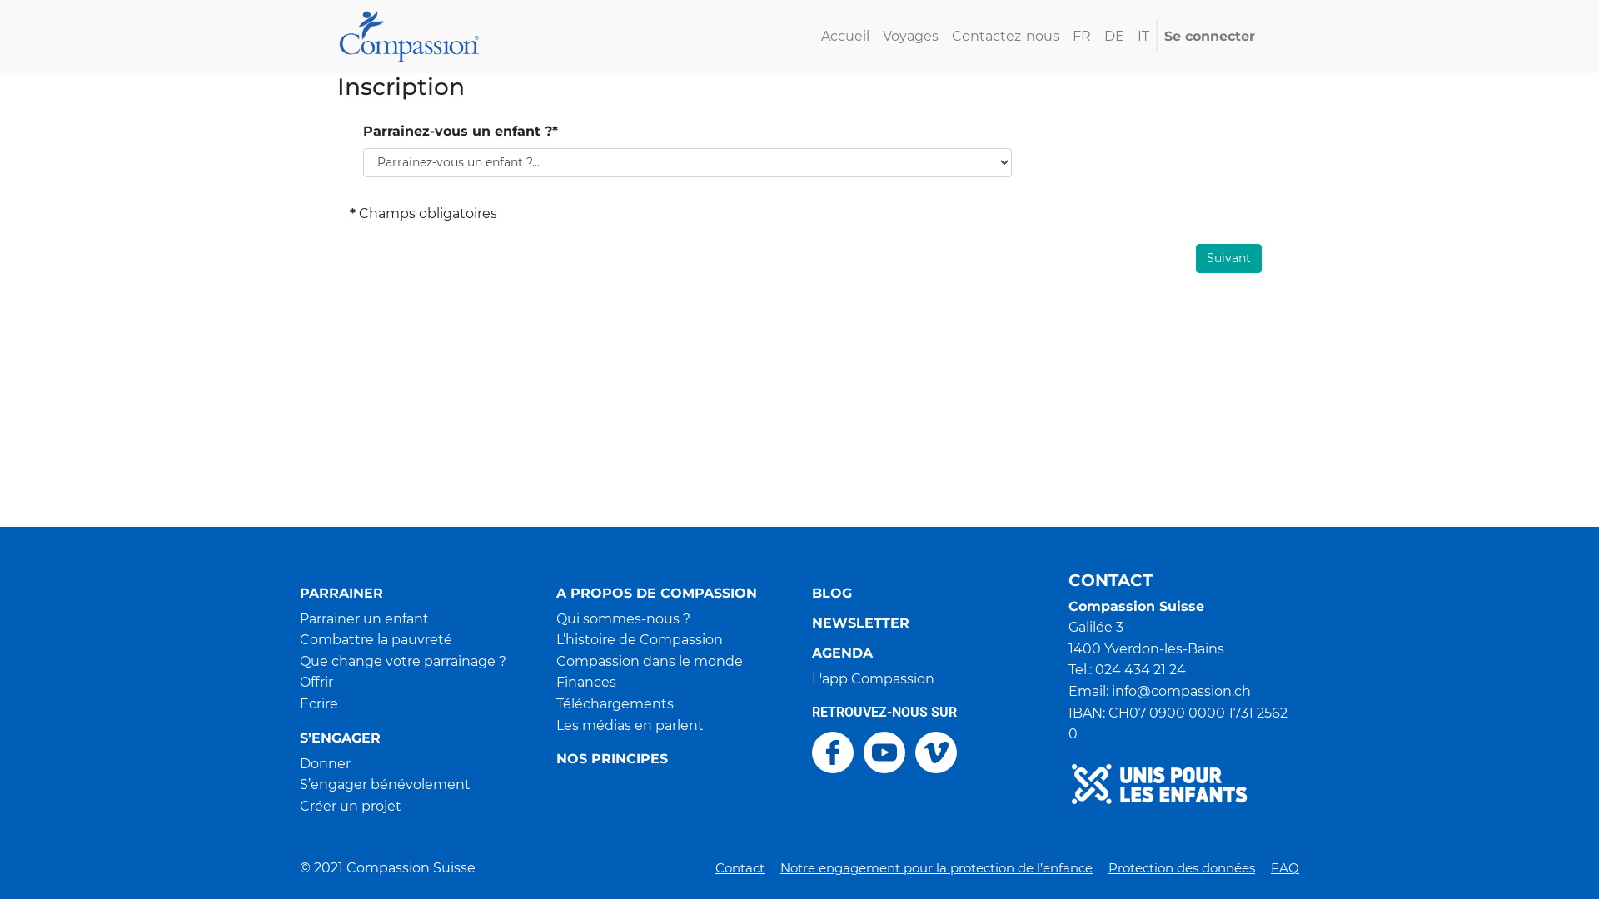 Image resolution: width=1599 pixels, height=899 pixels. What do you see at coordinates (1179, 691) in the screenshot?
I see `'info@compassion.ch'` at bounding box center [1179, 691].